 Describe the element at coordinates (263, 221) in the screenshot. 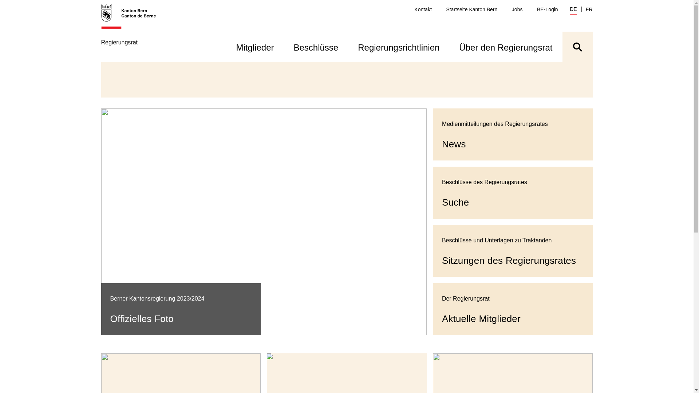

I see `'Offizielles Foto` at that location.